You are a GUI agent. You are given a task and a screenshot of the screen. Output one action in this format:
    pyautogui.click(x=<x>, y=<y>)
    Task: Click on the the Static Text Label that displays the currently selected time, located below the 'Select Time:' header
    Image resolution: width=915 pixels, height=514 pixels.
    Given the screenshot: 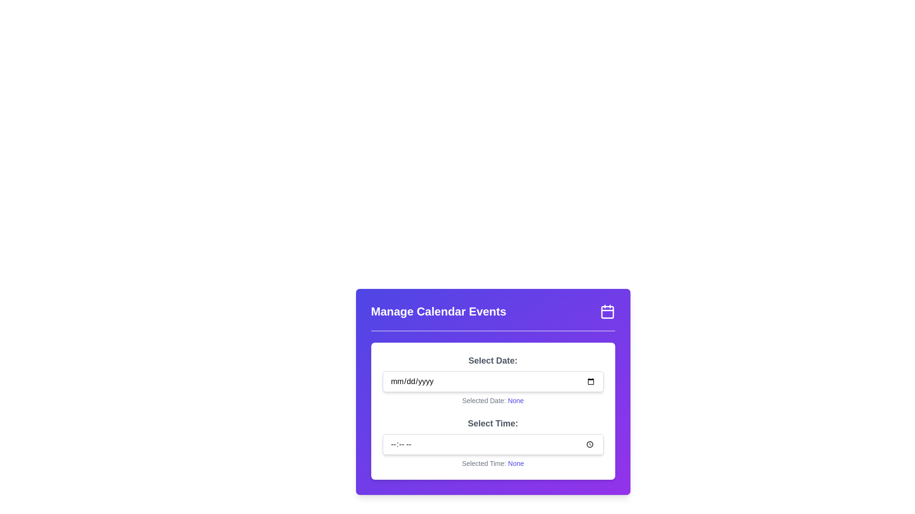 What is the action you would take?
    pyautogui.click(x=493, y=463)
    